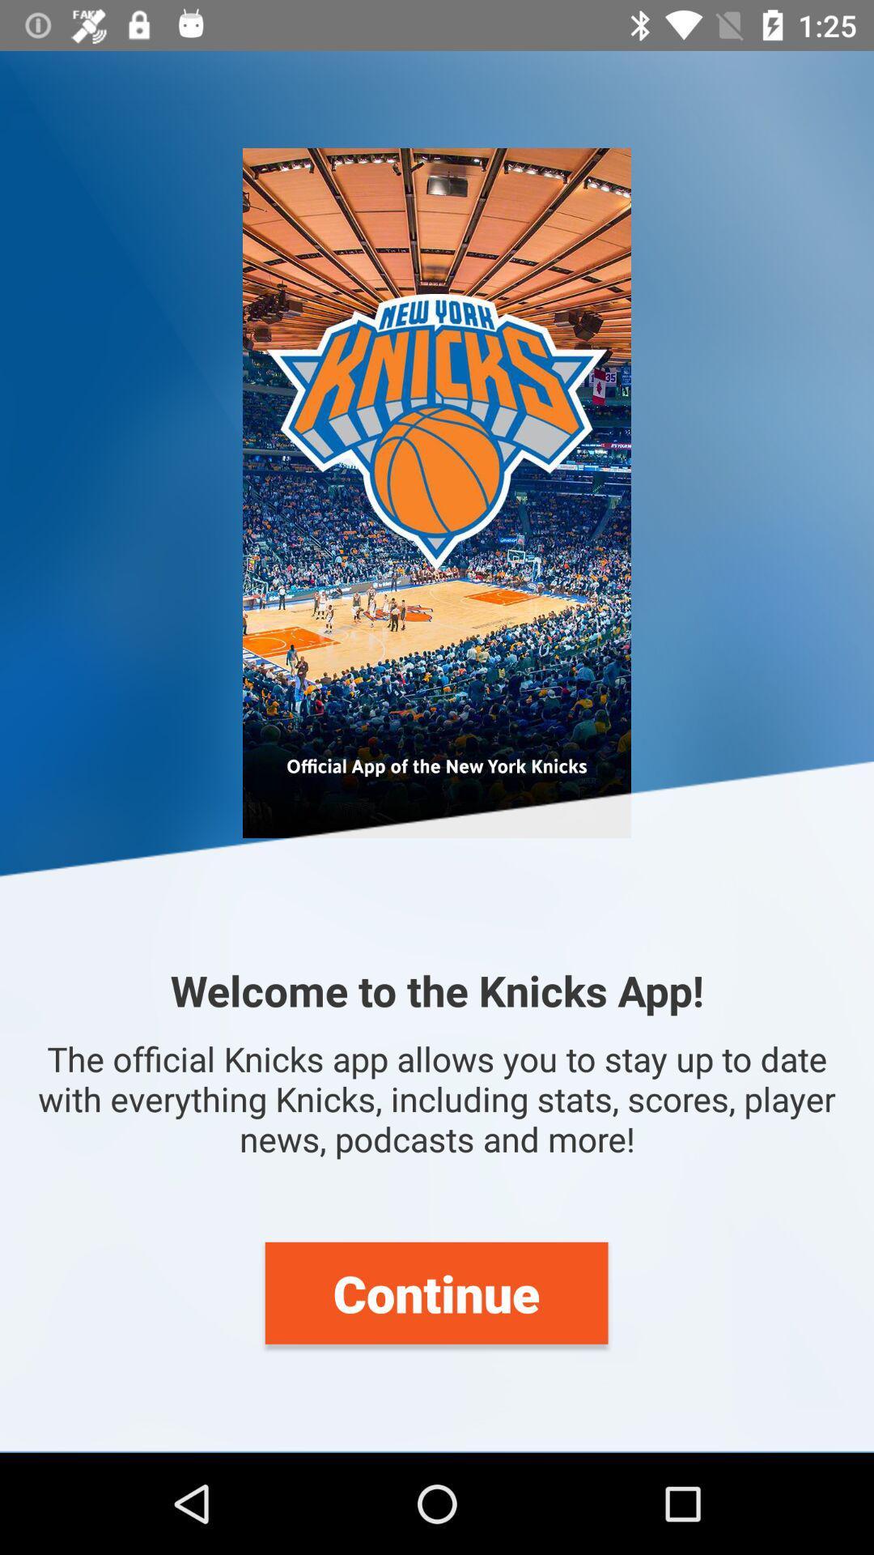 This screenshot has height=1555, width=874. What do you see at coordinates (435, 1292) in the screenshot?
I see `continue icon` at bounding box center [435, 1292].